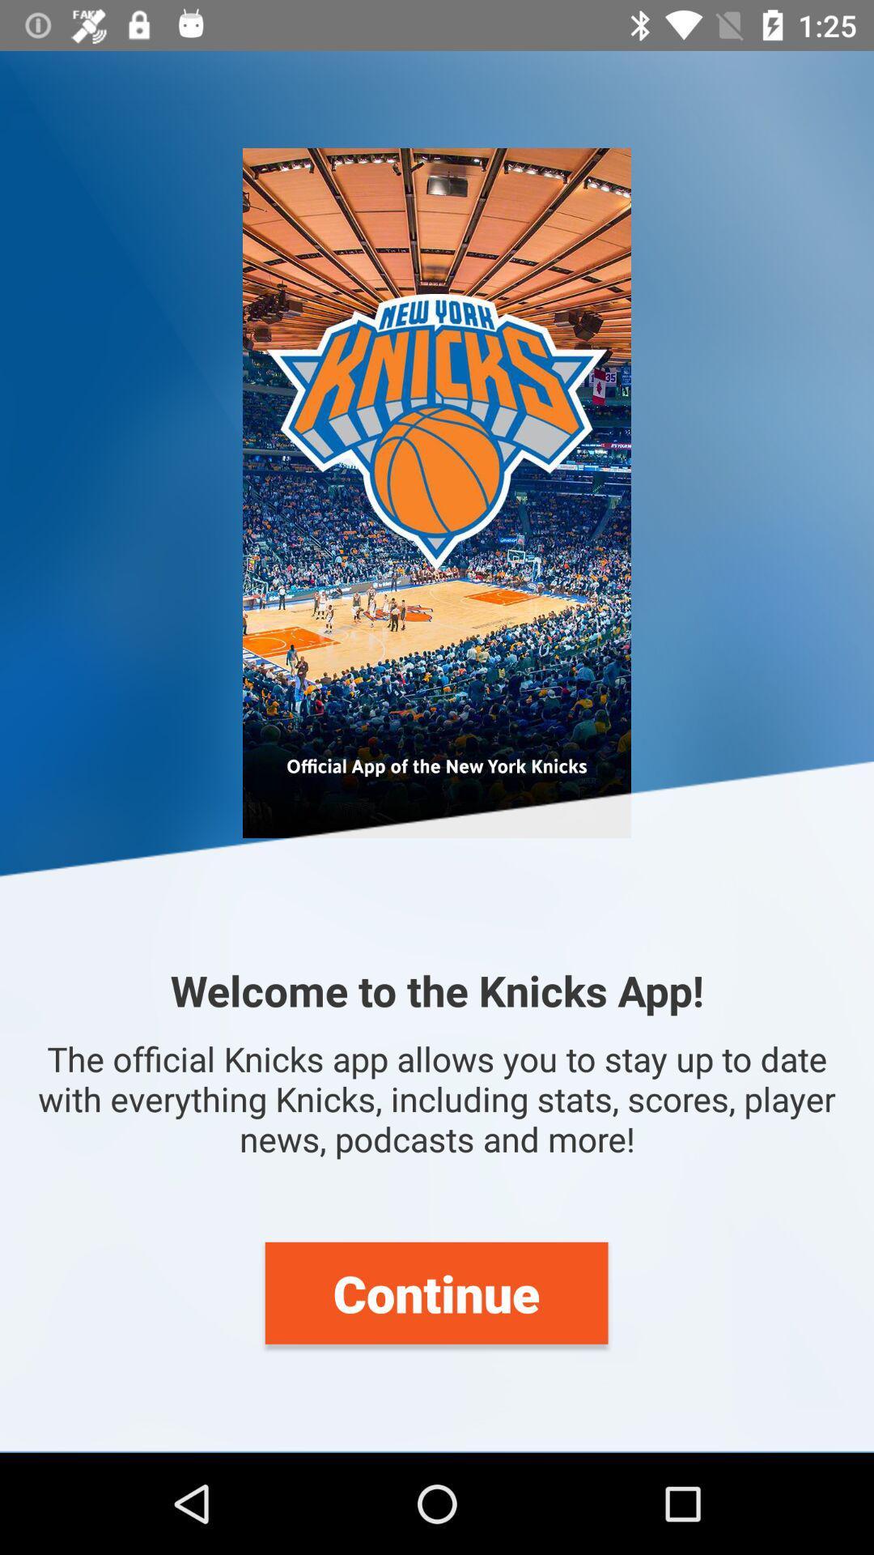 This screenshot has height=1555, width=874. What do you see at coordinates (435, 1292) in the screenshot?
I see `continue icon` at bounding box center [435, 1292].